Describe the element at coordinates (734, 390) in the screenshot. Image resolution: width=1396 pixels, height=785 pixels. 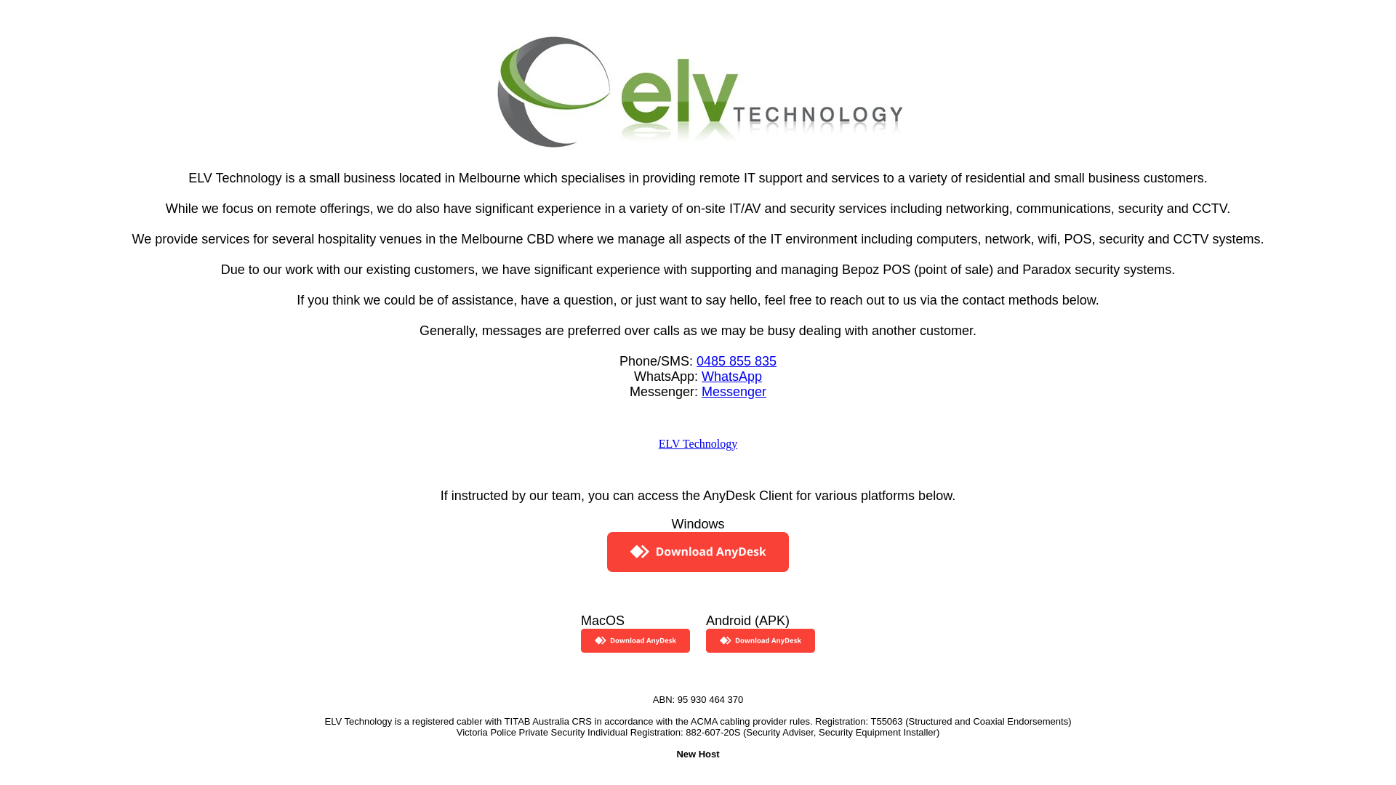
I see `'Messenger'` at that location.